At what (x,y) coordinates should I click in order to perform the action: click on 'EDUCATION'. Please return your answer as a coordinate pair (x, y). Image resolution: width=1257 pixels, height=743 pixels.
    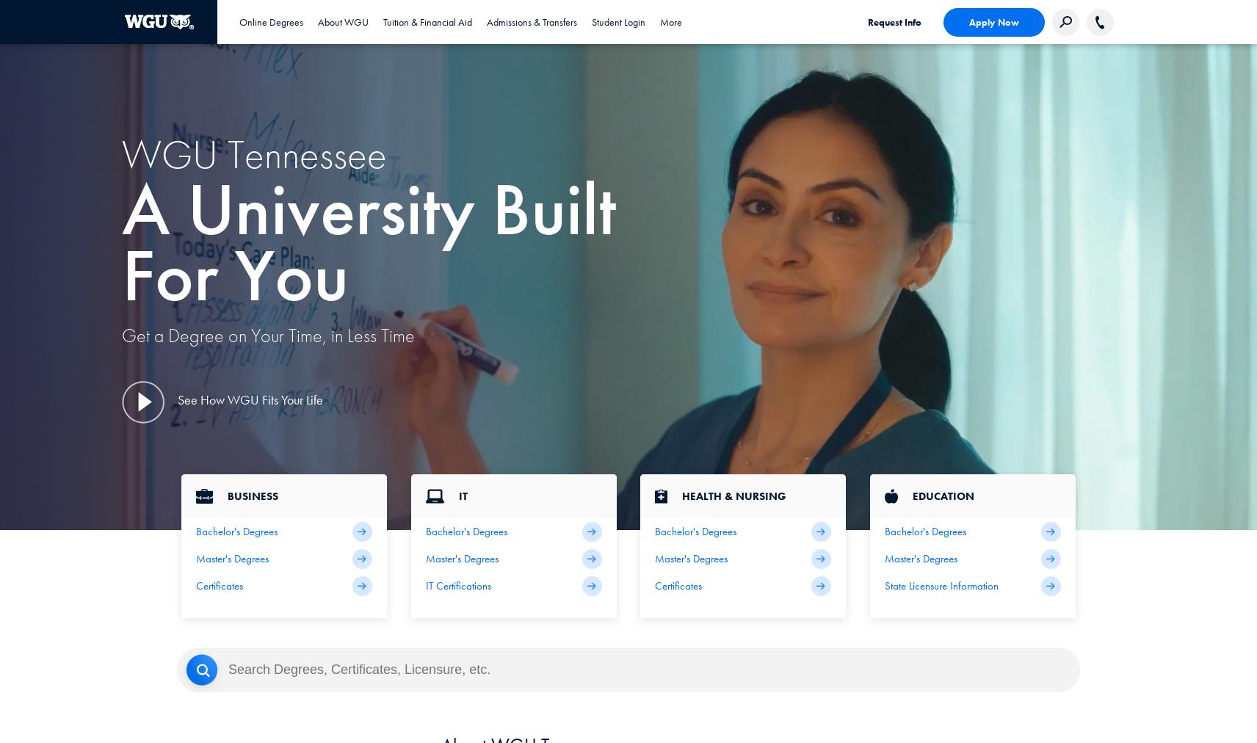
    Looking at the image, I should click on (913, 496).